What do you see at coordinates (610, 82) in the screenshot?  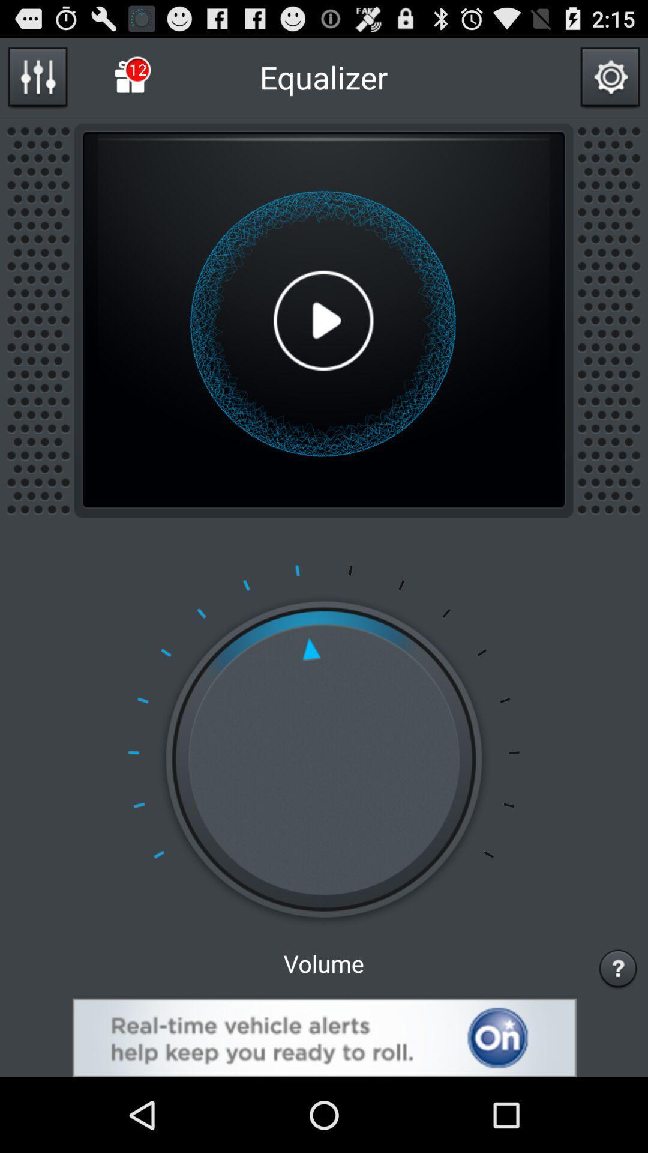 I see `the settings icon` at bounding box center [610, 82].